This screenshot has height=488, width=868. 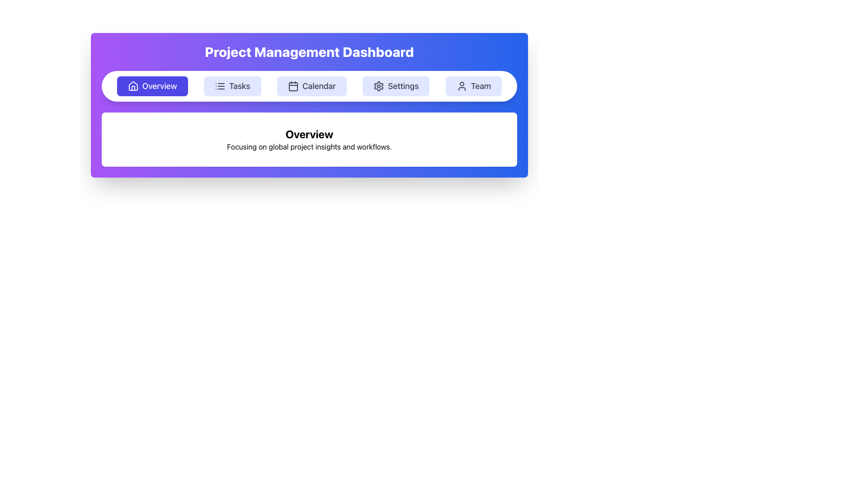 What do you see at coordinates (132, 86) in the screenshot?
I see `the house-shaped icon with a white outline on a blue background located within the 'Overview' button in the navigation bar` at bounding box center [132, 86].